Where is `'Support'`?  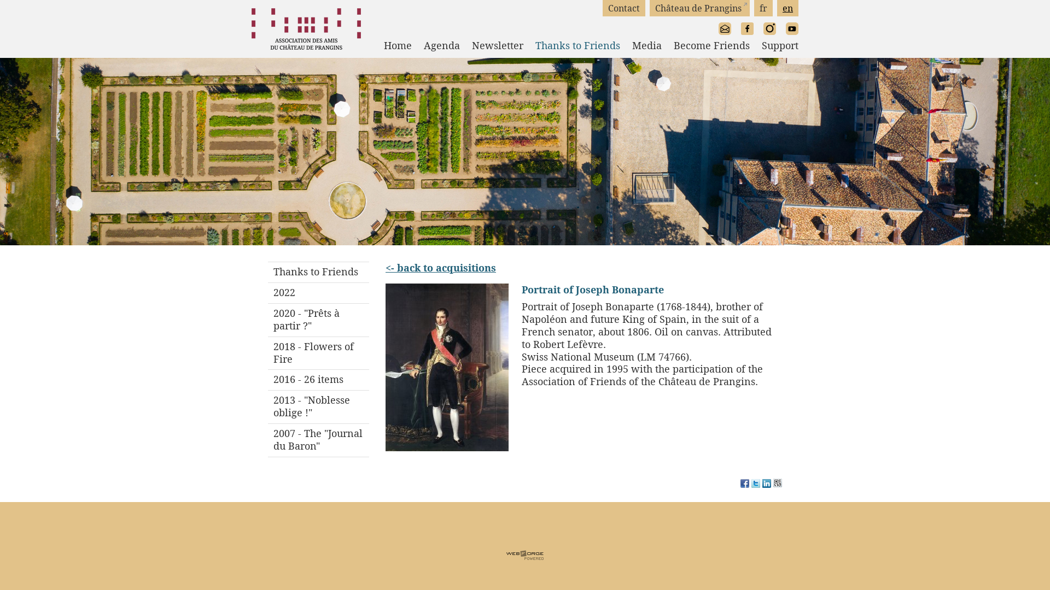 'Support' is located at coordinates (773, 45).